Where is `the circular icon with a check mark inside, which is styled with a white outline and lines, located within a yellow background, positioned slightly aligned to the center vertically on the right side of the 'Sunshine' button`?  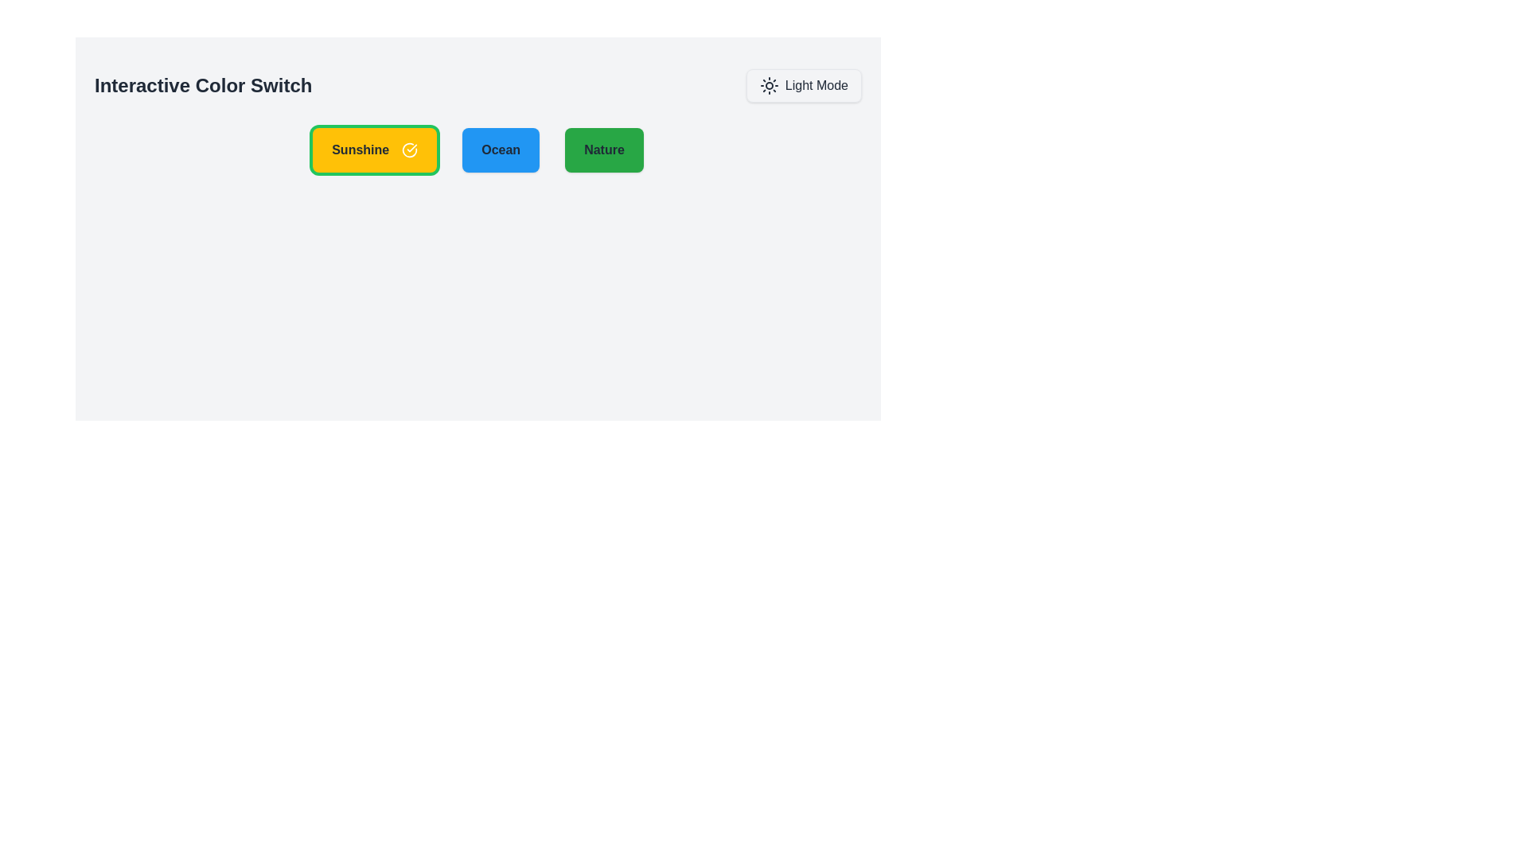 the circular icon with a check mark inside, which is styled with a white outline and lines, located within a yellow background, positioned slightly aligned to the center vertically on the right side of the 'Sunshine' button is located at coordinates (410, 150).